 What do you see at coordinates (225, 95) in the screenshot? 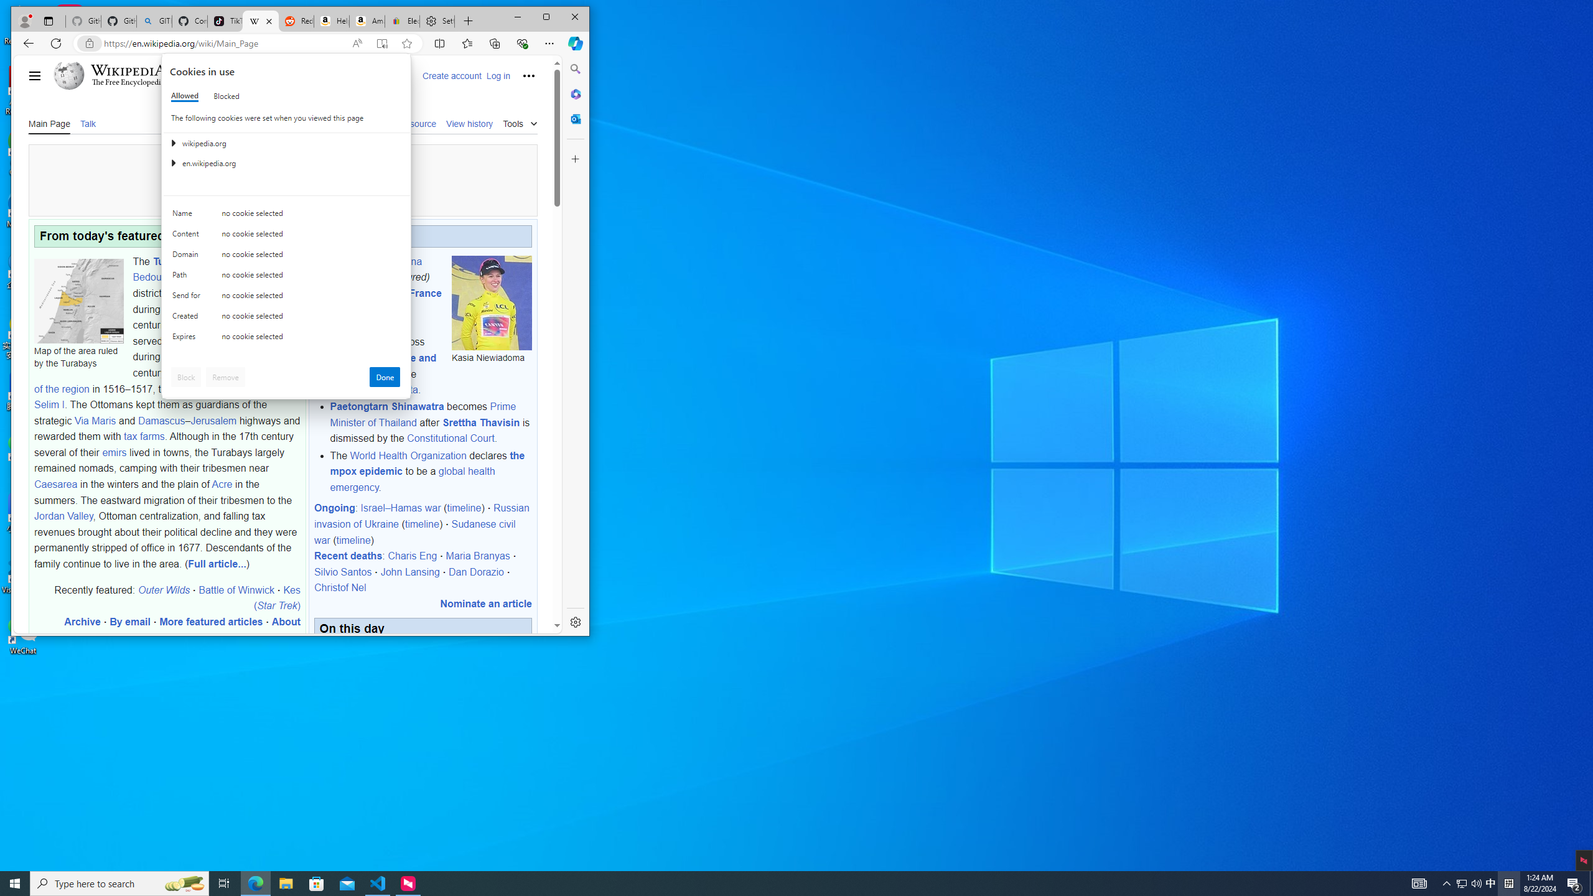
I see `'Blocked'` at bounding box center [225, 95].